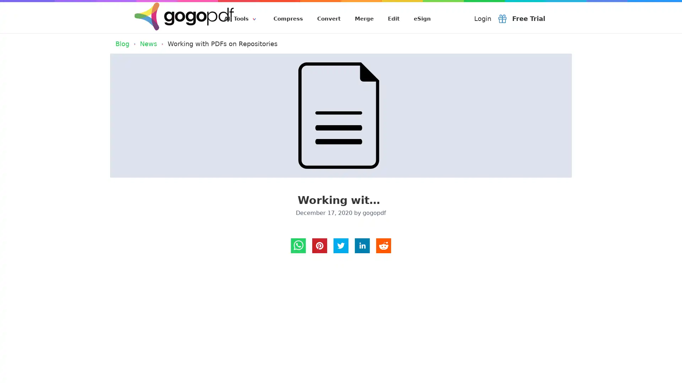 The height and width of the screenshot is (383, 682). Describe the element at coordinates (364, 18) in the screenshot. I see `Merge` at that location.